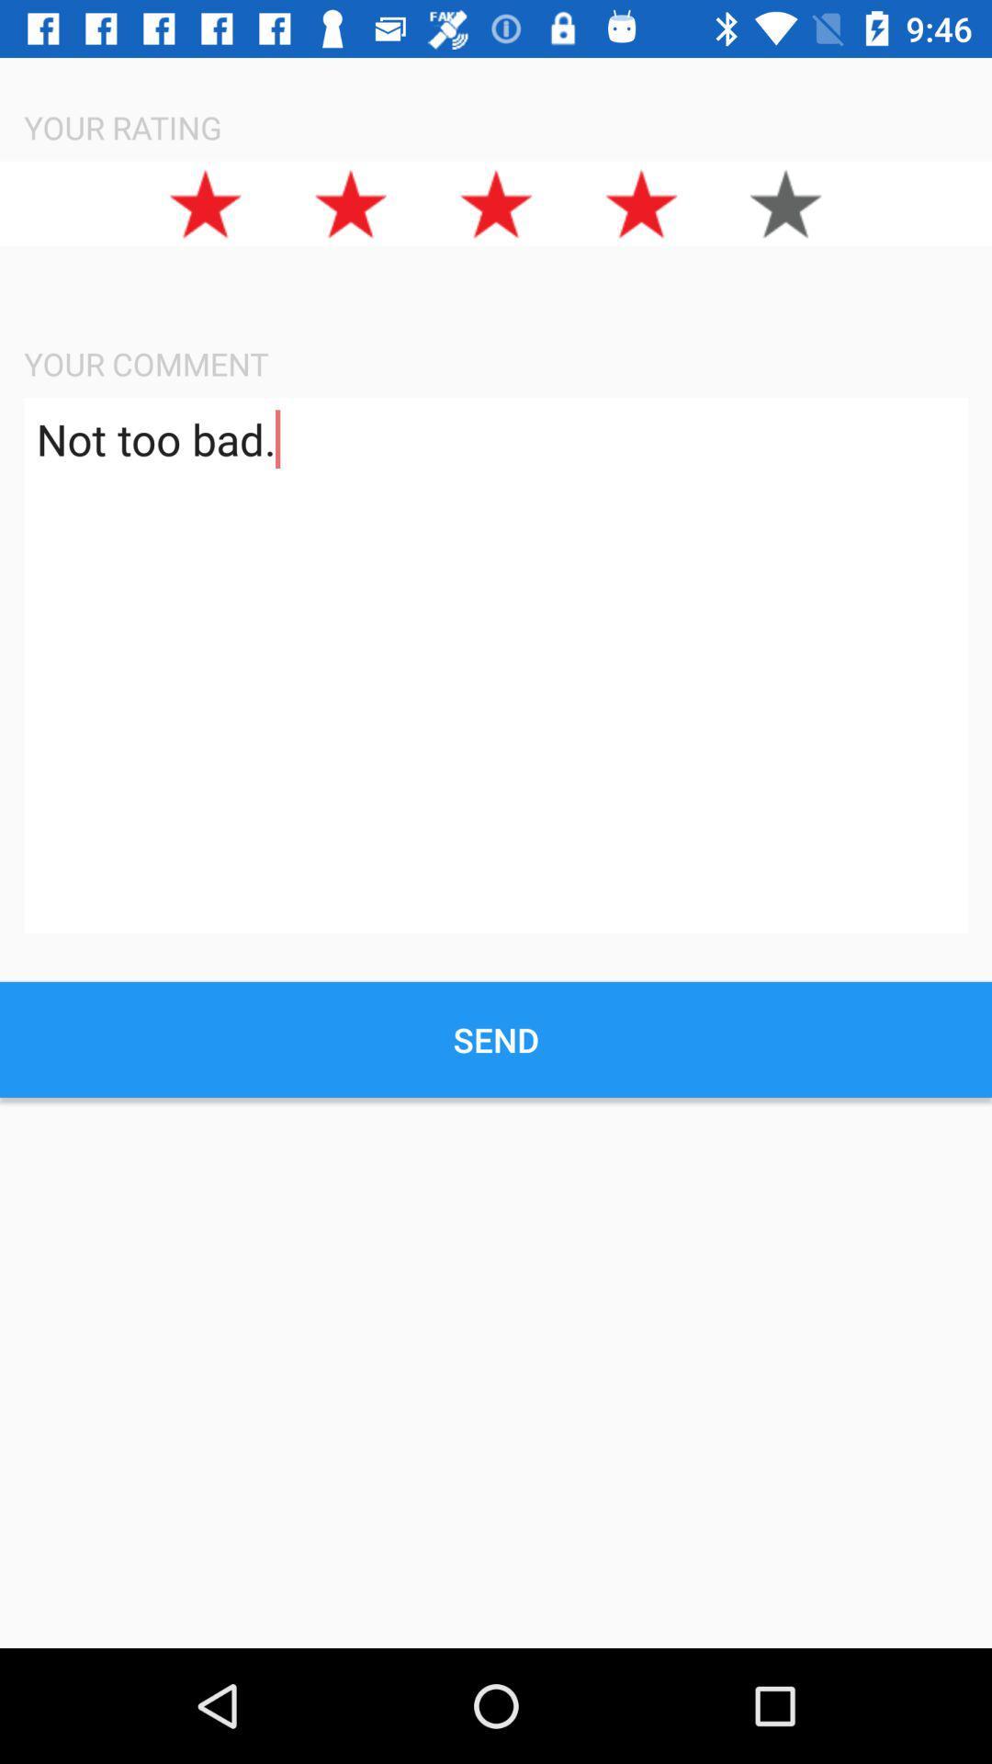 The height and width of the screenshot is (1764, 992). I want to click on the star icon, so click(639, 203).